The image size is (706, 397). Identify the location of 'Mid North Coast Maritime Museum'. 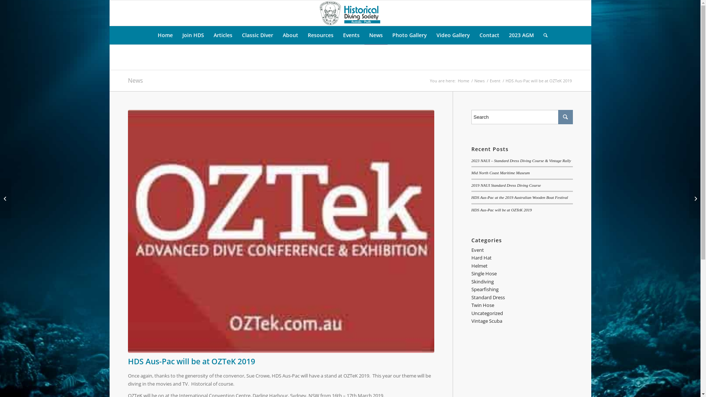
(471, 173).